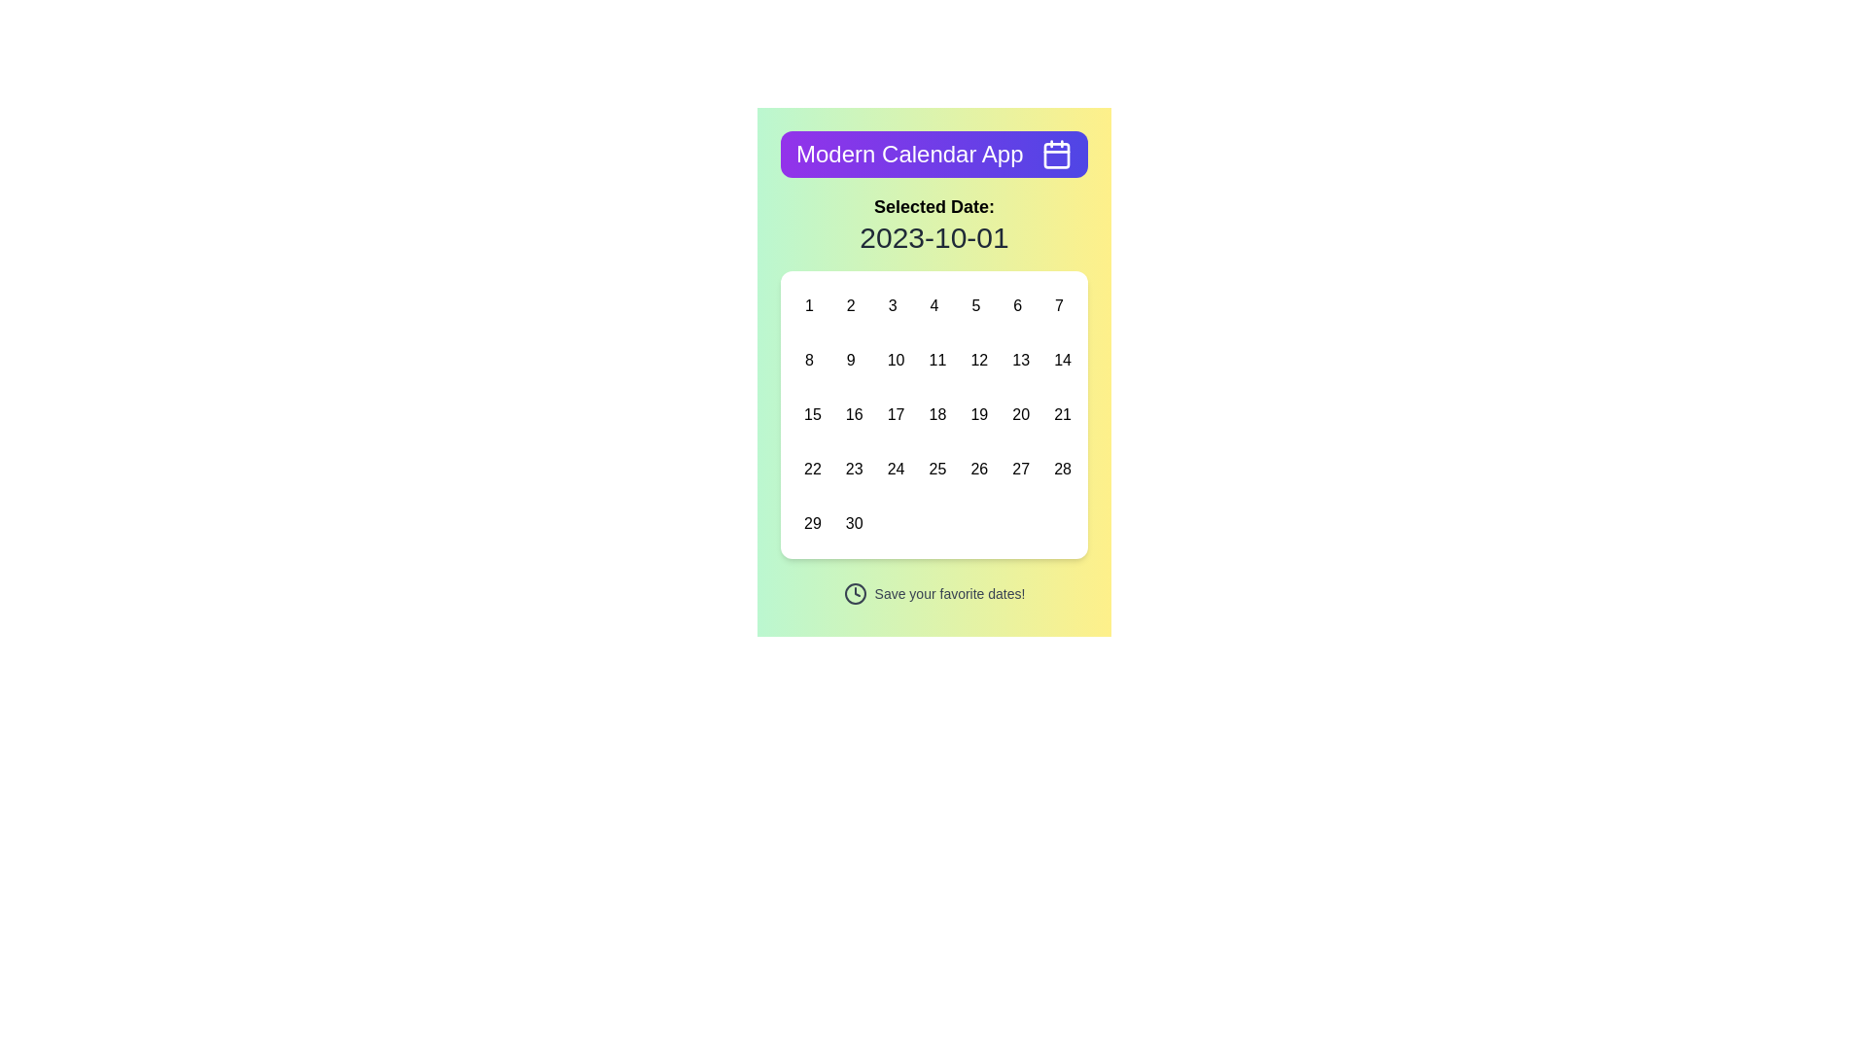 The image size is (1867, 1050). What do you see at coordinates (892, 414) in the screenshot?
I see `the square button with rounded borders displaying '17' located in the third row and third column of the calendar's date grid` at bounding box center [892, 414].